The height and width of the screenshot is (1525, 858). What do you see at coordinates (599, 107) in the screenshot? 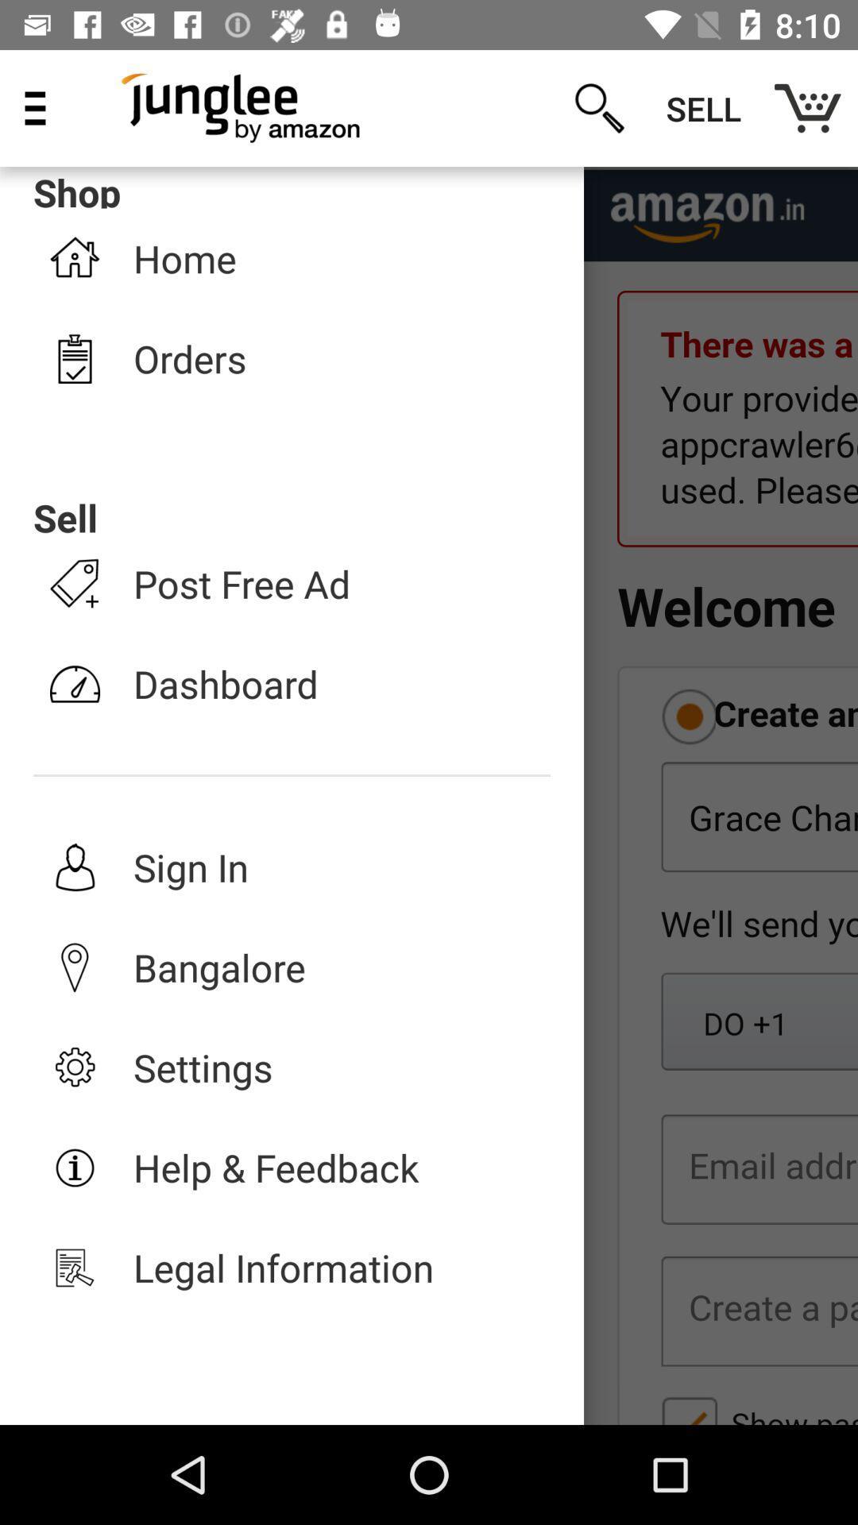
I see `icon next to shop` at bounding box center [599, 107].